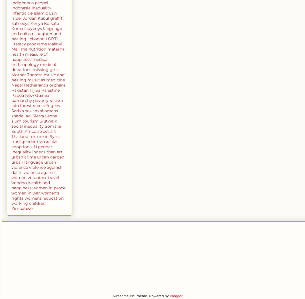 This screenshot has height=299, width=305. I want to click on 'medical anthropology', so click(29, 61).